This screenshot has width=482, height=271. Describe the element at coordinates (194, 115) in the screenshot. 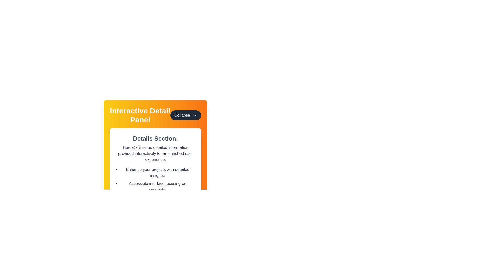

I see `the SVG icon inside the 'Collapse' button` at that location.